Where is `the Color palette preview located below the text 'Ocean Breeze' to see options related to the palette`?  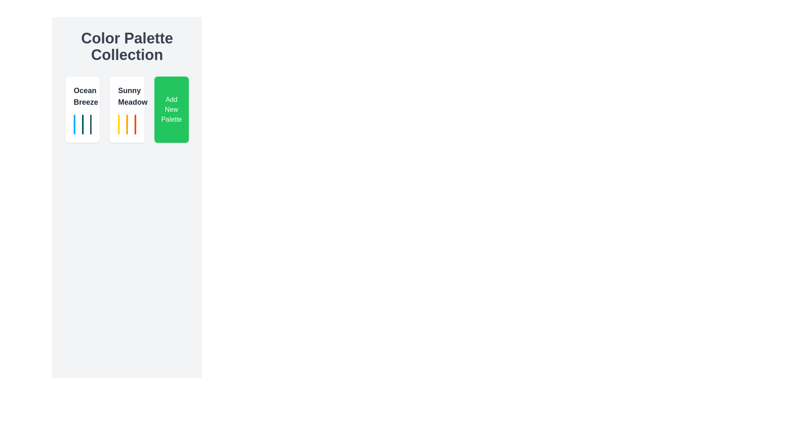
the Color palette preview located below the text 'Ocean Breeze' to see options related to the palette is located at coordinates (82, 124).